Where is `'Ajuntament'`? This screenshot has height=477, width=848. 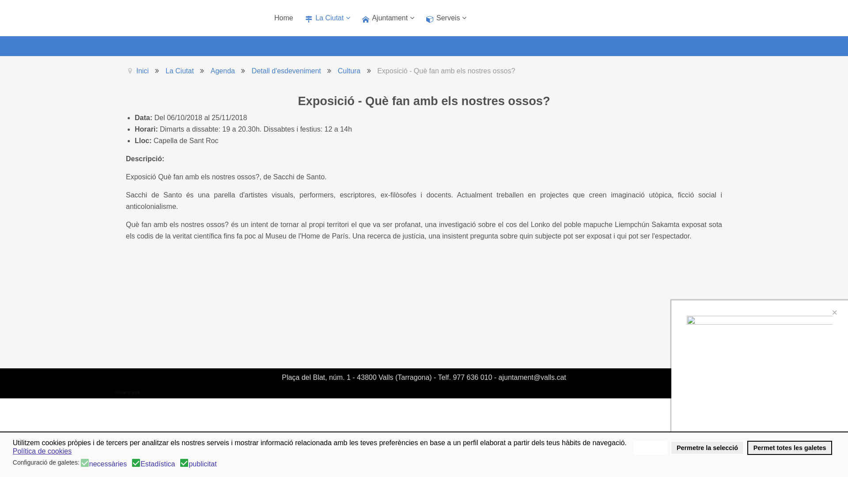 'Ajuntament' is located at coordinates (356, 18).